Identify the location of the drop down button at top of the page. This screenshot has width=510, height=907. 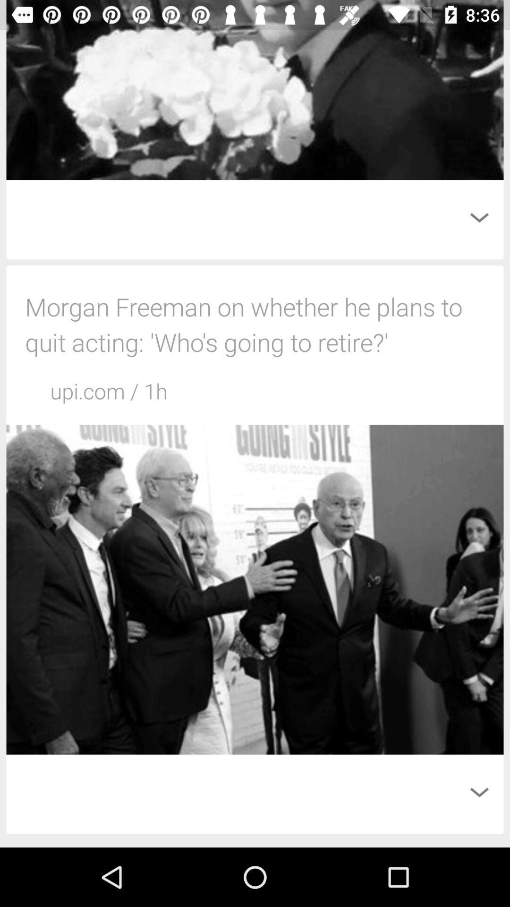
(479, 216).